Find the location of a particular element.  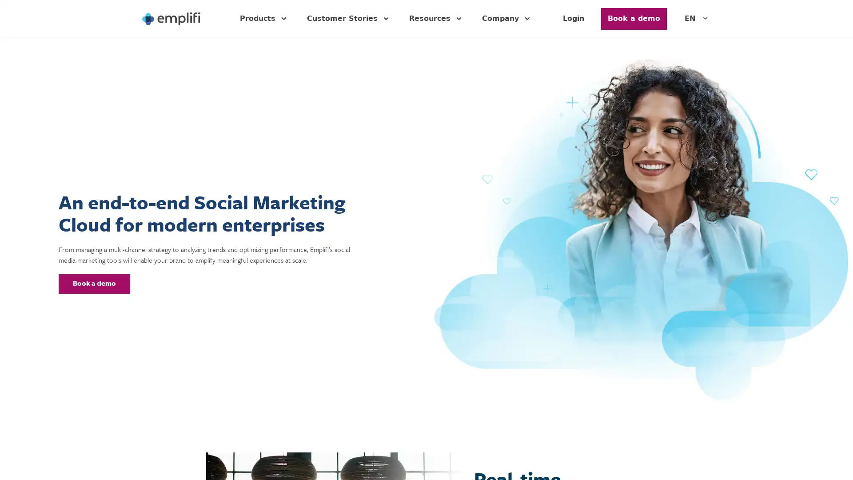

Button is located at coordinates (94, 283).